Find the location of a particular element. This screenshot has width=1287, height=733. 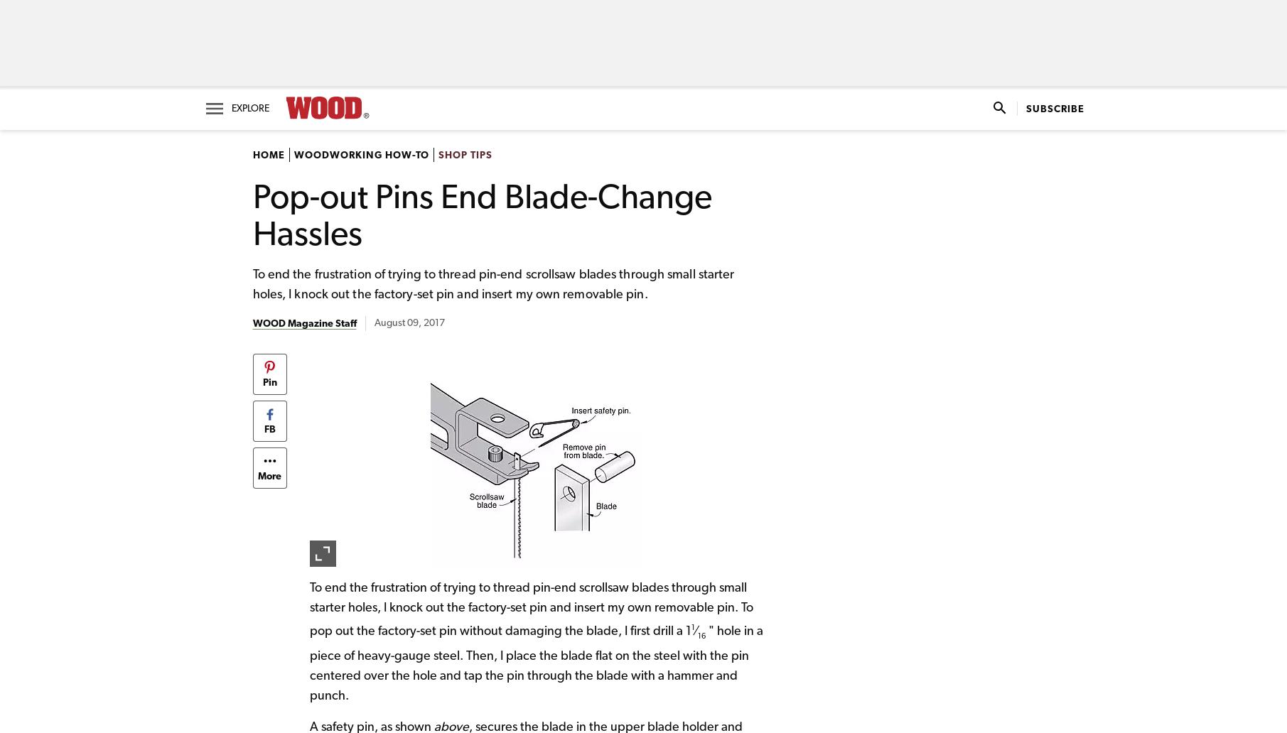

'To end the frustration of trying to thread pin-end scrollsaw blades through small starter holes, I knock out the factory-set pin and insert my own removable pin. To pop out the factory-set pin without damaging the blade, I first drill a 1' is located at coordinates (530, 609).